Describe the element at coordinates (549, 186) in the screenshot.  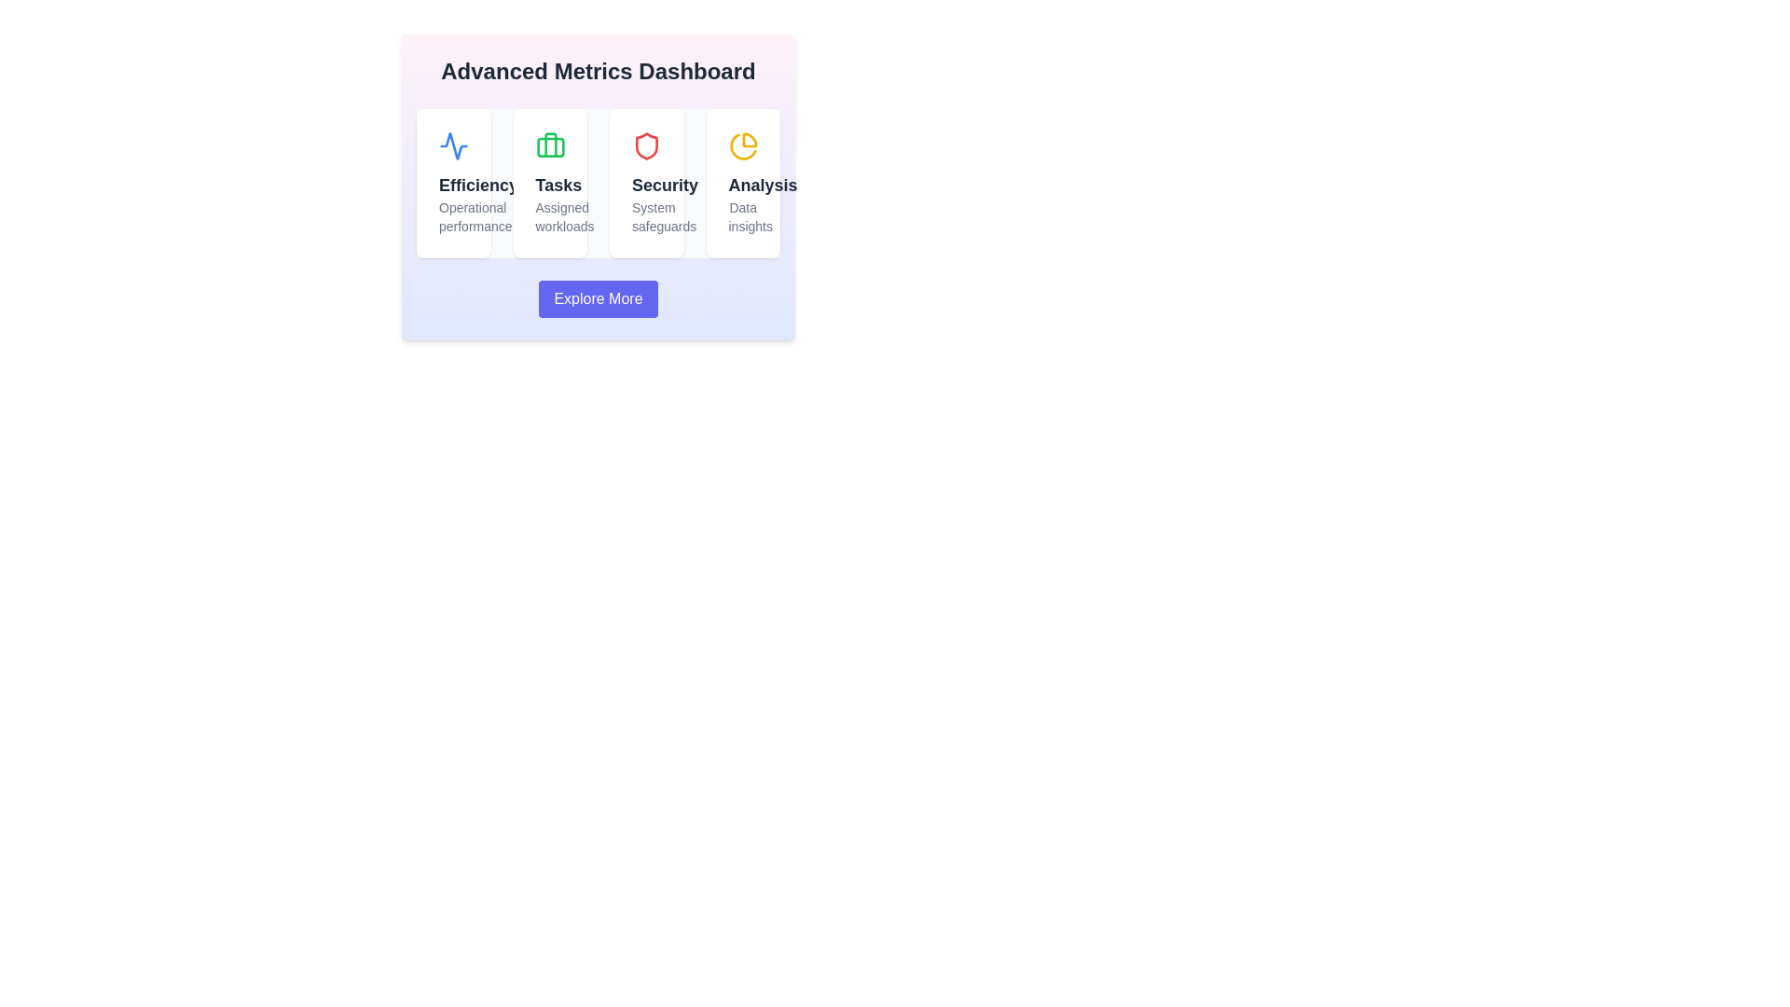
I see `the non-interactive title text element that summarizes task-related information within the 'Tasks Assigned workloads' card` at that location.